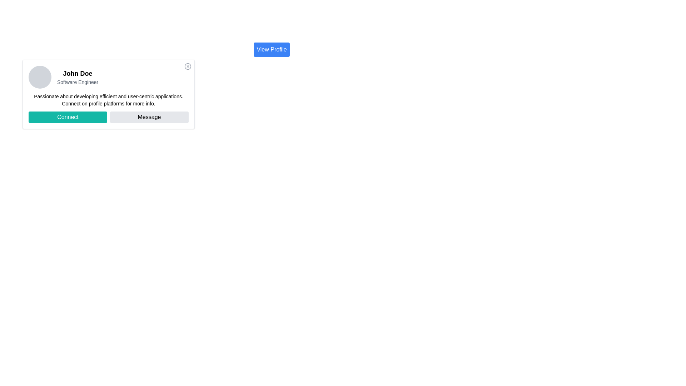 The image size is (686, 386). I want to click on the 'Connect' button in the grouped button element below the user information card for 'John Doe' to initiate a connection request, so click(108, 117).